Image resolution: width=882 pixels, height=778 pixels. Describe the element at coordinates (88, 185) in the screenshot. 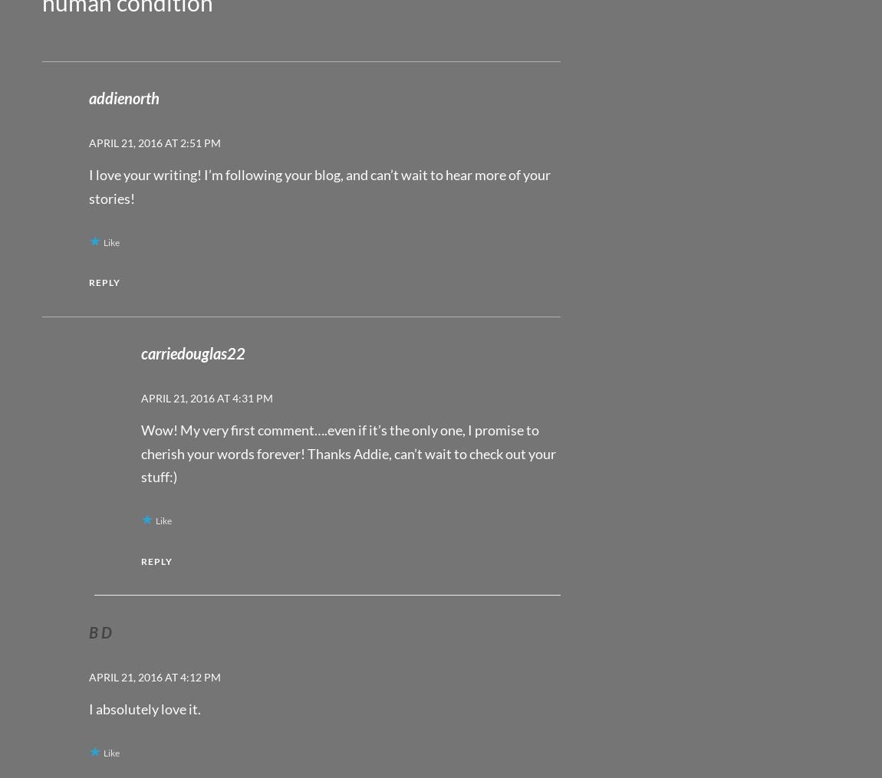

I see `'I love your writing!  I’m following your blog, and can’t wait to hear more of your stories!'` at that location.